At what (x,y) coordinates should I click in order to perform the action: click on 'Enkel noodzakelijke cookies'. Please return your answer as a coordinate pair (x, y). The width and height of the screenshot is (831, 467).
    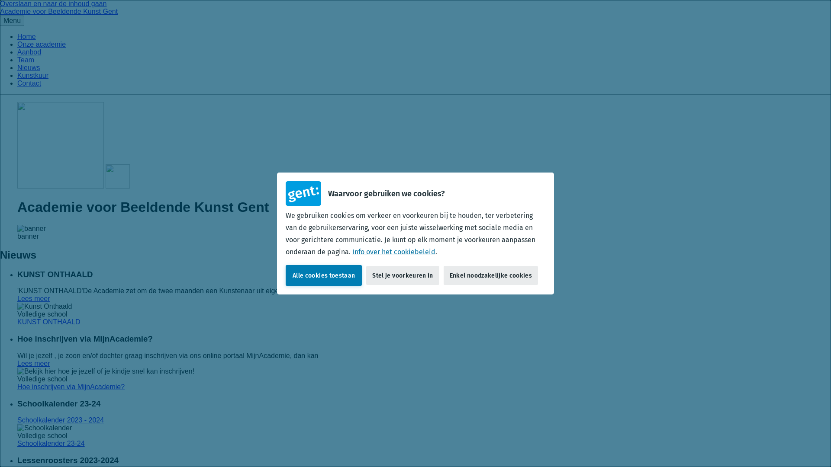
    Looking at the image, I should click on (490, 275).